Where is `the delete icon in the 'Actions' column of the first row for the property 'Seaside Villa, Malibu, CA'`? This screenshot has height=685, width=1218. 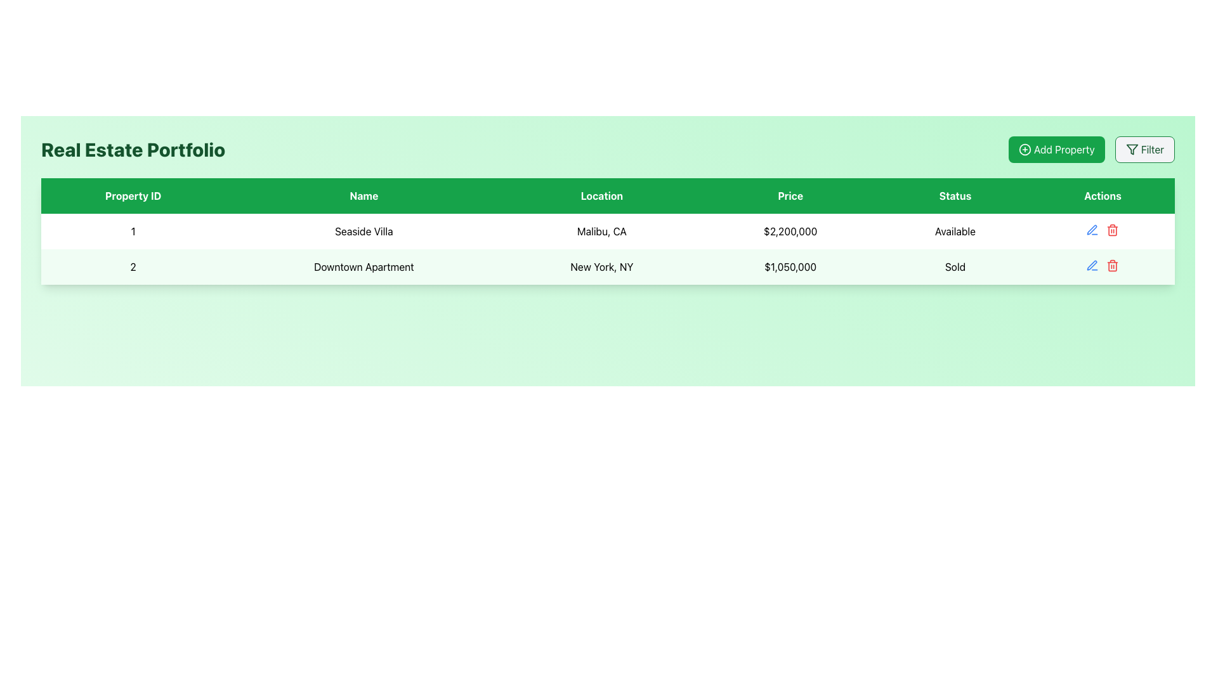
the delete icon in the 'Actions' column of the first row for the property 'Seaside Villa, Malibu, CA' is located at coordinates (1101, 230).